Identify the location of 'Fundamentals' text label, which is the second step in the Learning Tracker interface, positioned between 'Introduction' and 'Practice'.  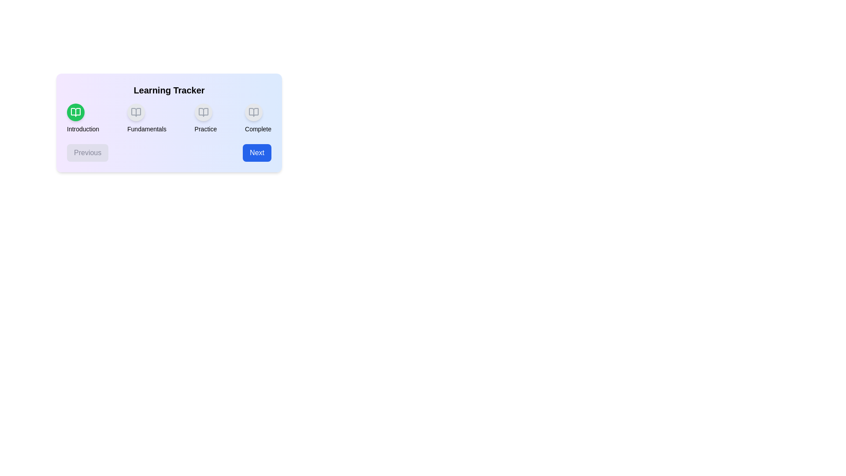
(147, 129).